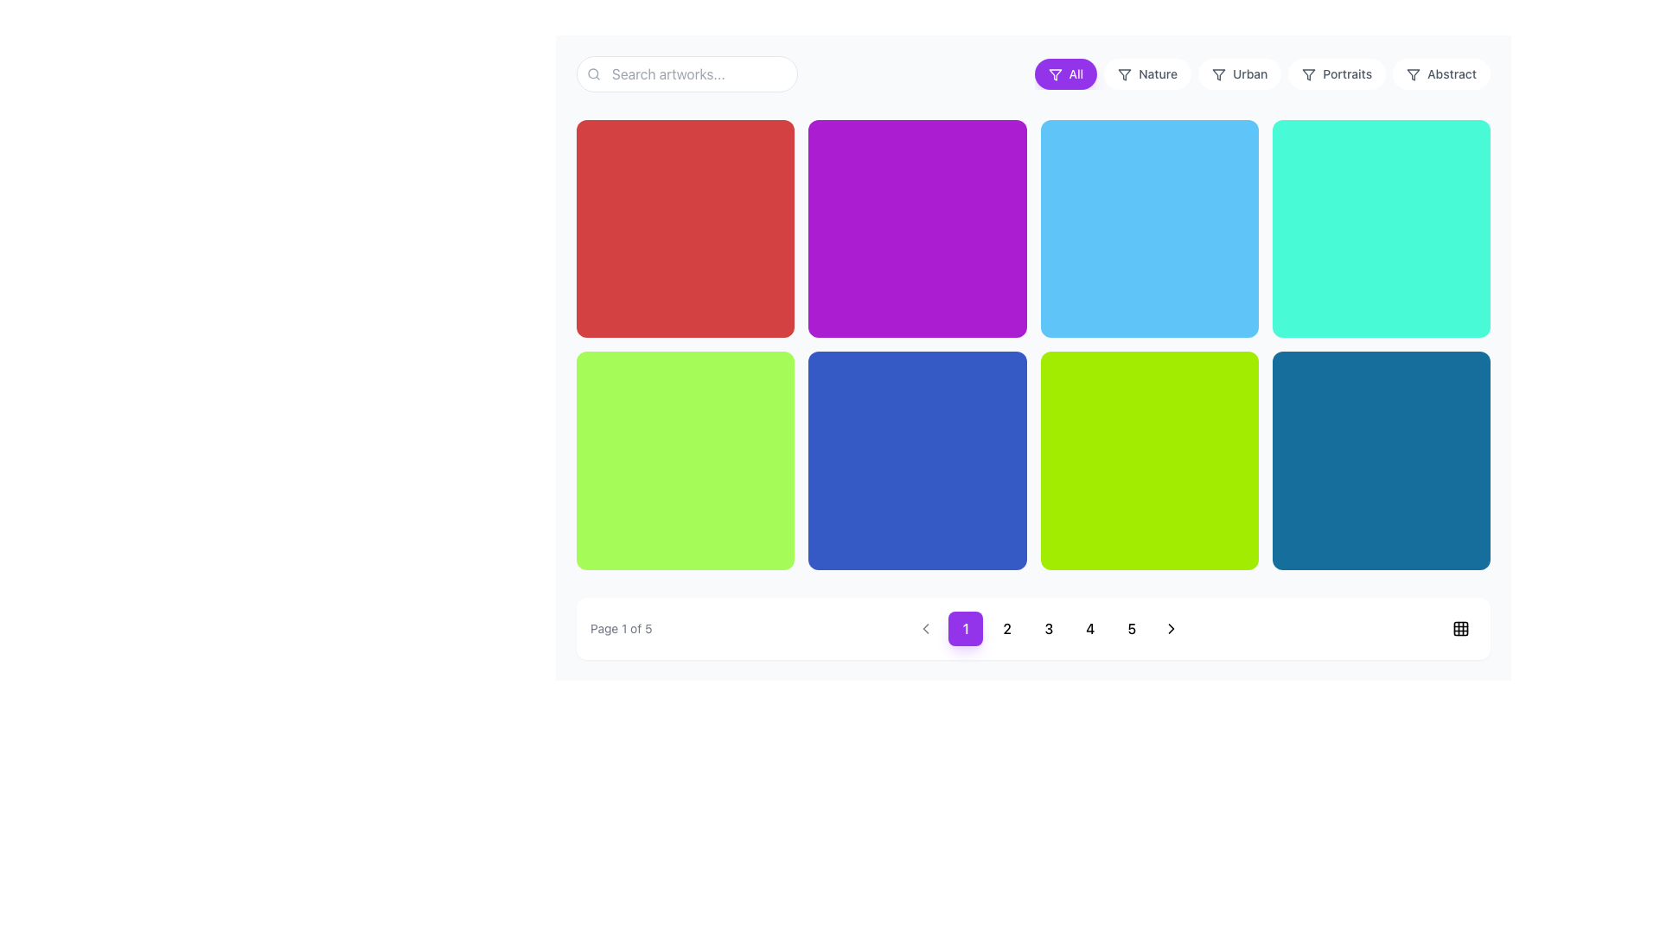 This screenshot has height=933, width=1660. Describe the element at coordinates (1414, 74) in the screenshot. I see `the small, triangular filter icon located in the upper-right section of the toolbar, which represents a filtering function` at that location.